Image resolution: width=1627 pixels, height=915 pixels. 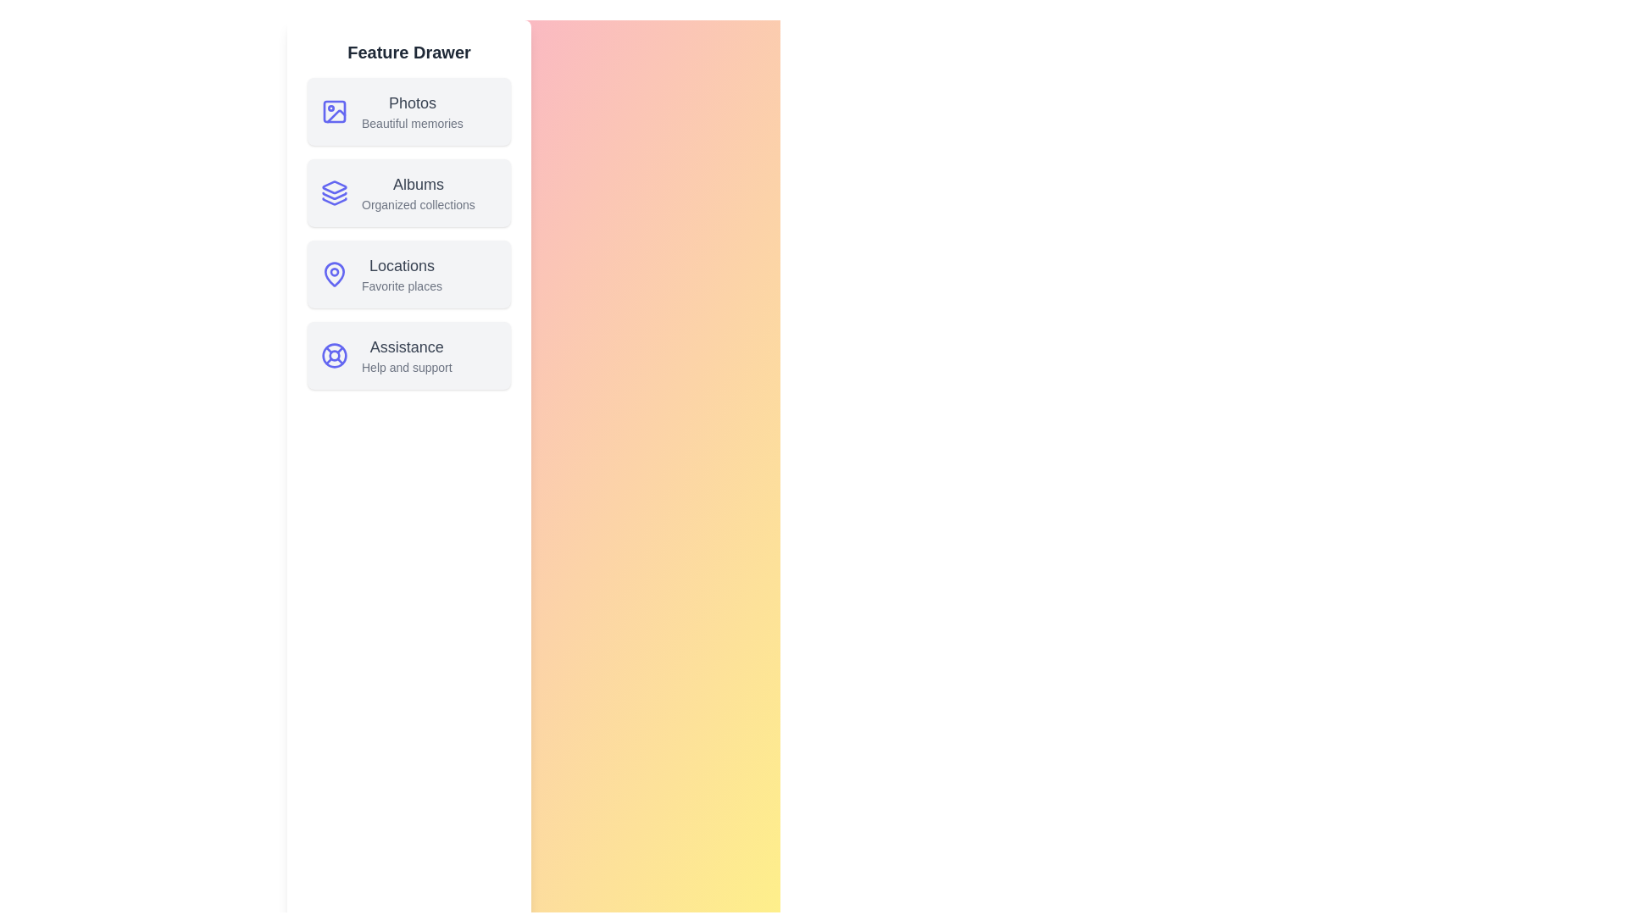 I want to click on the icon for Photos, so click(x=334, y=111).